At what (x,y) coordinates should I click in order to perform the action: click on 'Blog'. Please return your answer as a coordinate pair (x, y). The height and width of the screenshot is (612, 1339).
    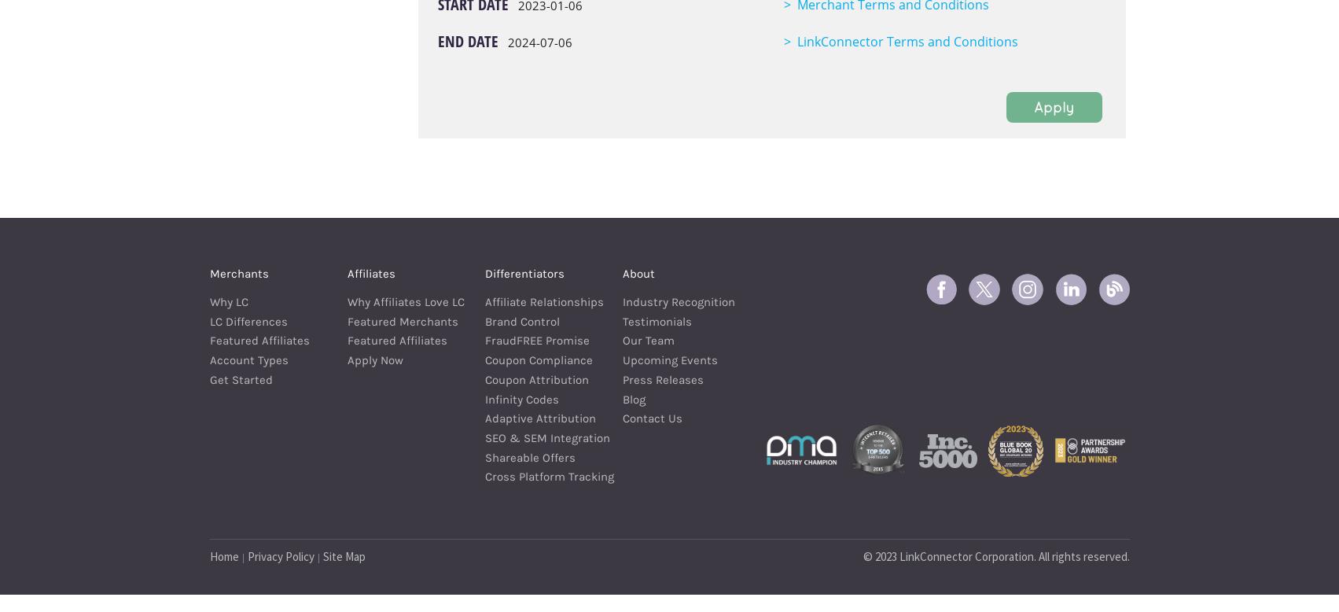
    Looking at the image, I should click on (622, 398).